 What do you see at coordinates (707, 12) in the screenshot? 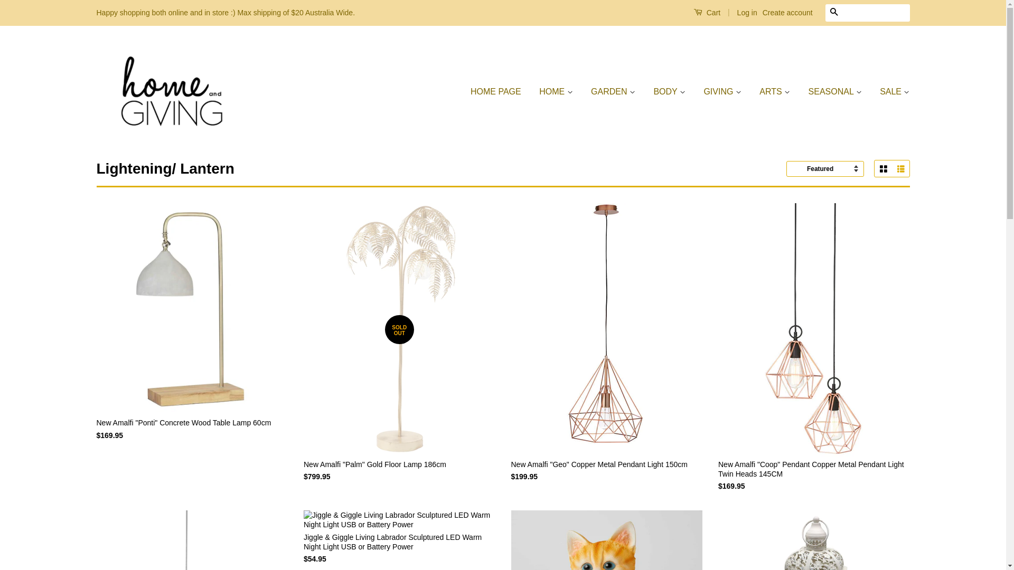
I see `'Cart'` at bounding box center [707, 12].